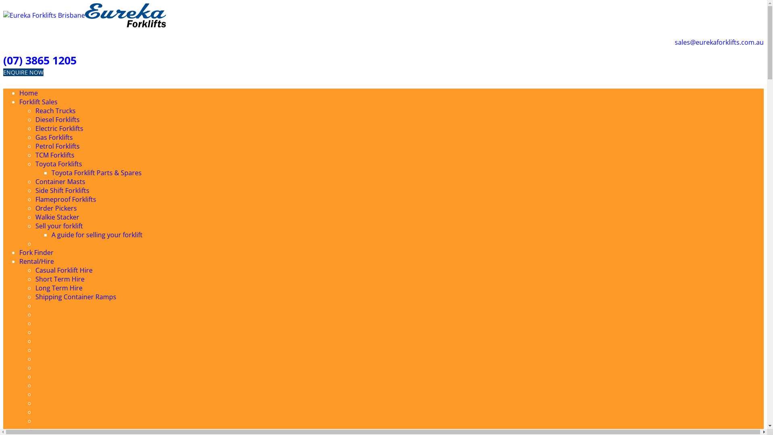  I want to click on 'ENQUIRE NOW', so click(23, 72).